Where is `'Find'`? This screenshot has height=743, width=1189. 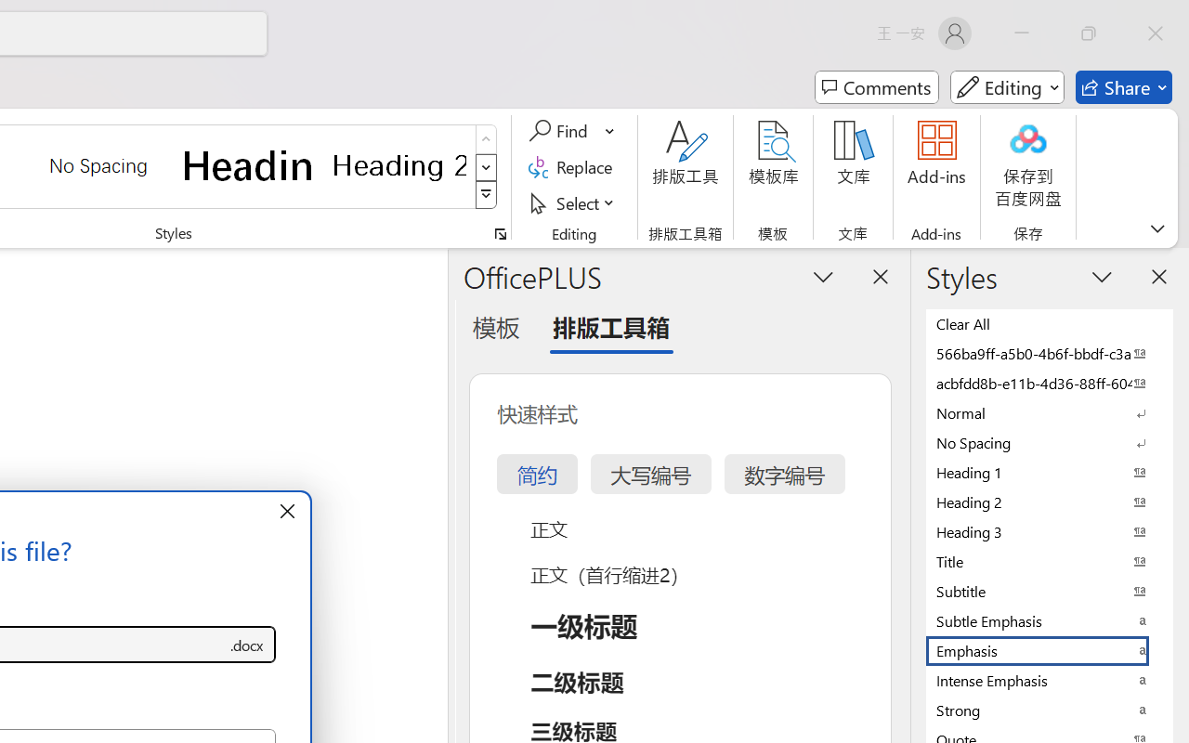
'Find' is located at coordinates (571, 131).